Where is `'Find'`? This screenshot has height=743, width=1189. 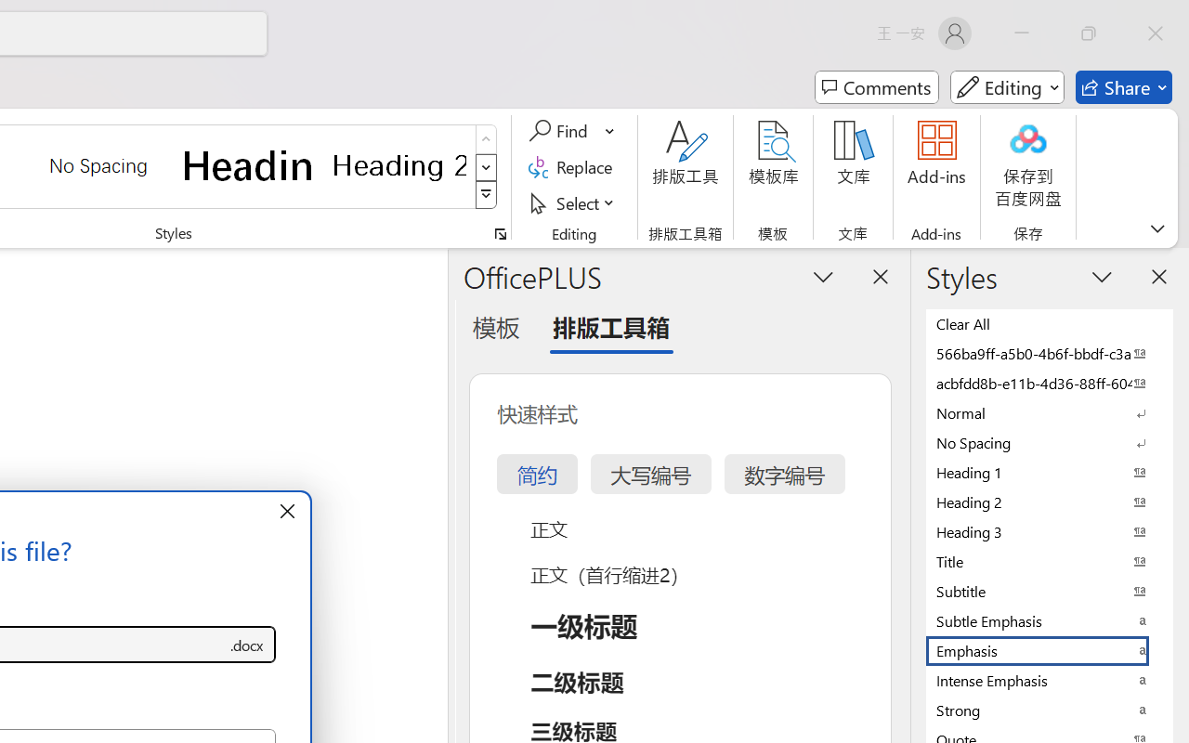
'Find' is located at coordinates (571, 131).